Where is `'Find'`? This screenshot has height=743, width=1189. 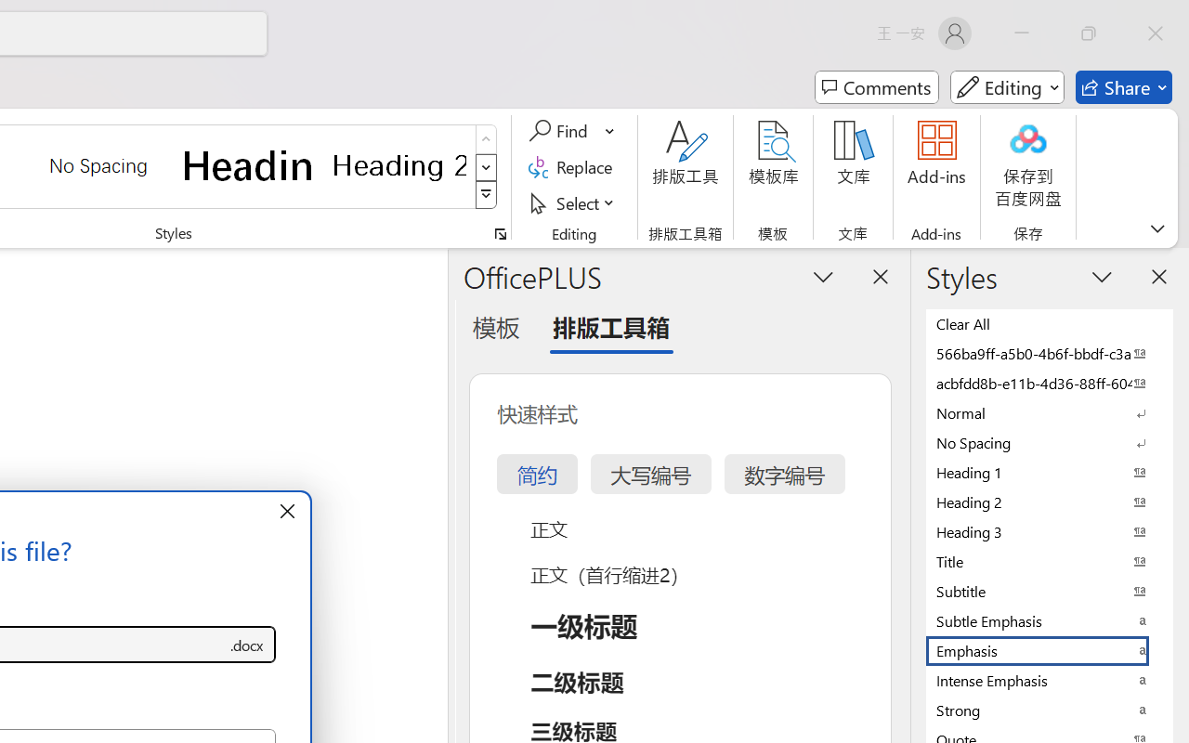
'Find' is located at coordinates (571, 131).